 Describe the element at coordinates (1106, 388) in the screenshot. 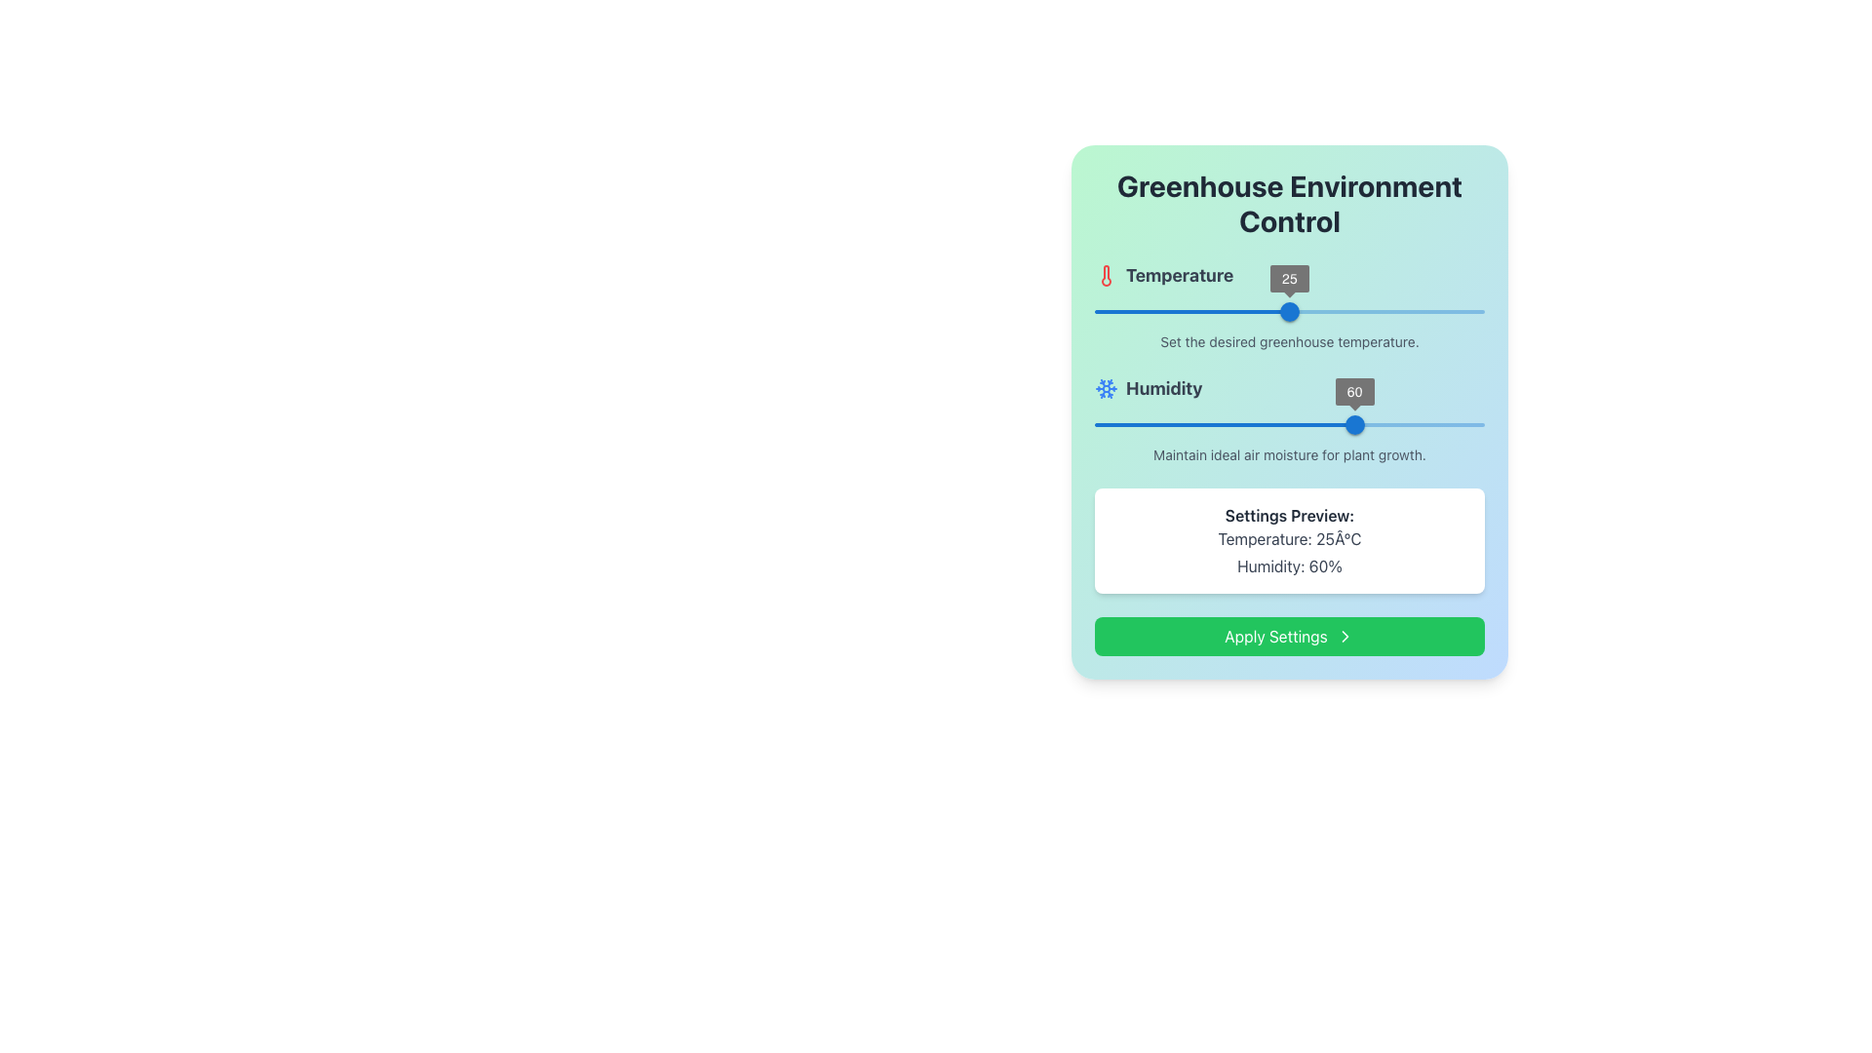

I see `the snowflake icon styled with a blue color scheme, located next to the 'Humidity' label in the 'Greenhouse Environment Control' interface` at that location.